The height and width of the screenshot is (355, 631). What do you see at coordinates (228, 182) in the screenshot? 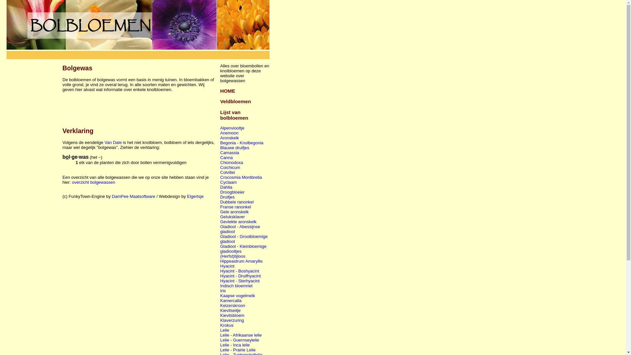
I see `'Cyclaam'` at bounding box center [228, 182].